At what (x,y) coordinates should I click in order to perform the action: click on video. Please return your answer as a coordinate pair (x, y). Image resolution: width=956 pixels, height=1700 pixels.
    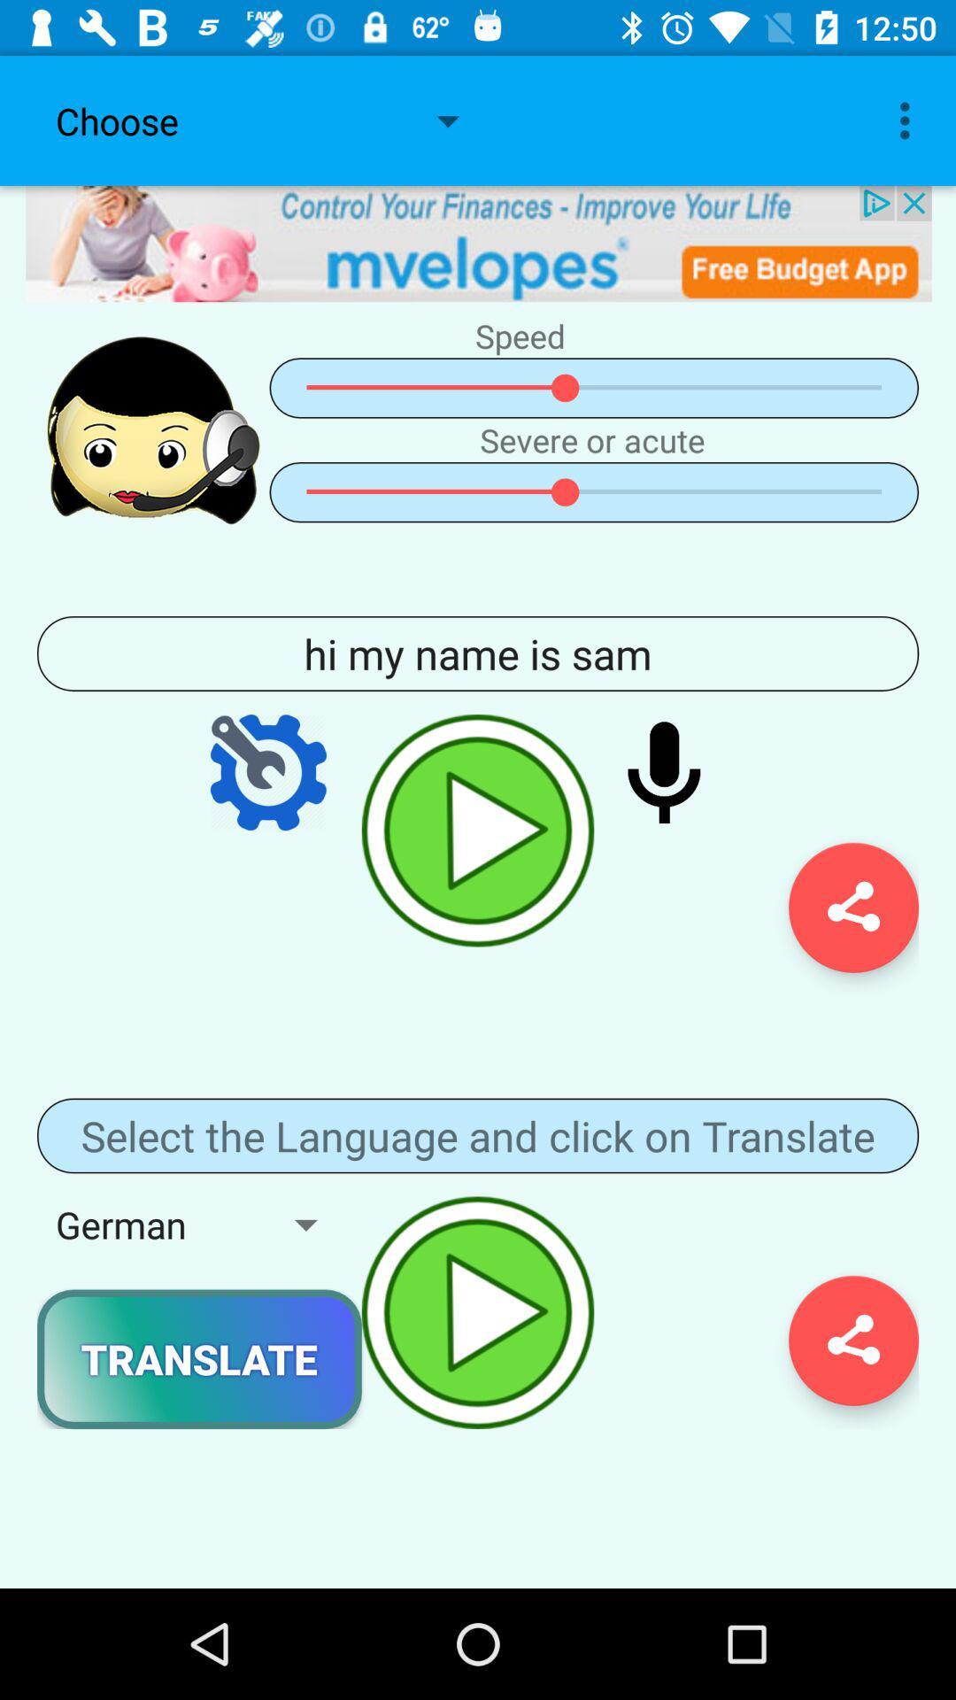
    Looking at the image, I should click on (478, 830).